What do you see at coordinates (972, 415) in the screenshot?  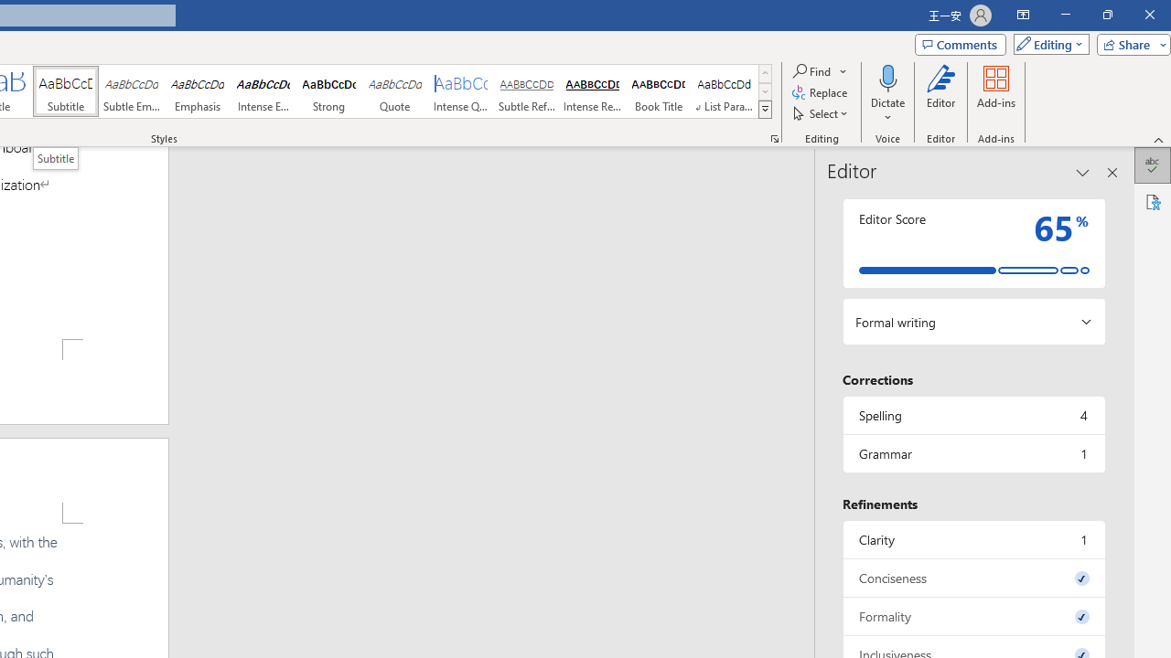 I see `'Spelling, 4 issues. Press space or enter to review items.'` at bounding box center [972, 415].